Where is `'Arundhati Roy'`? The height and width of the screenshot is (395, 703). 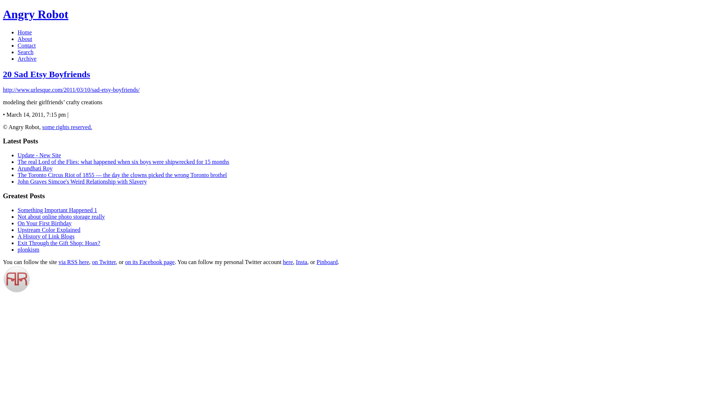 'Arundhati Roy' is located at coordinates (18, 168).